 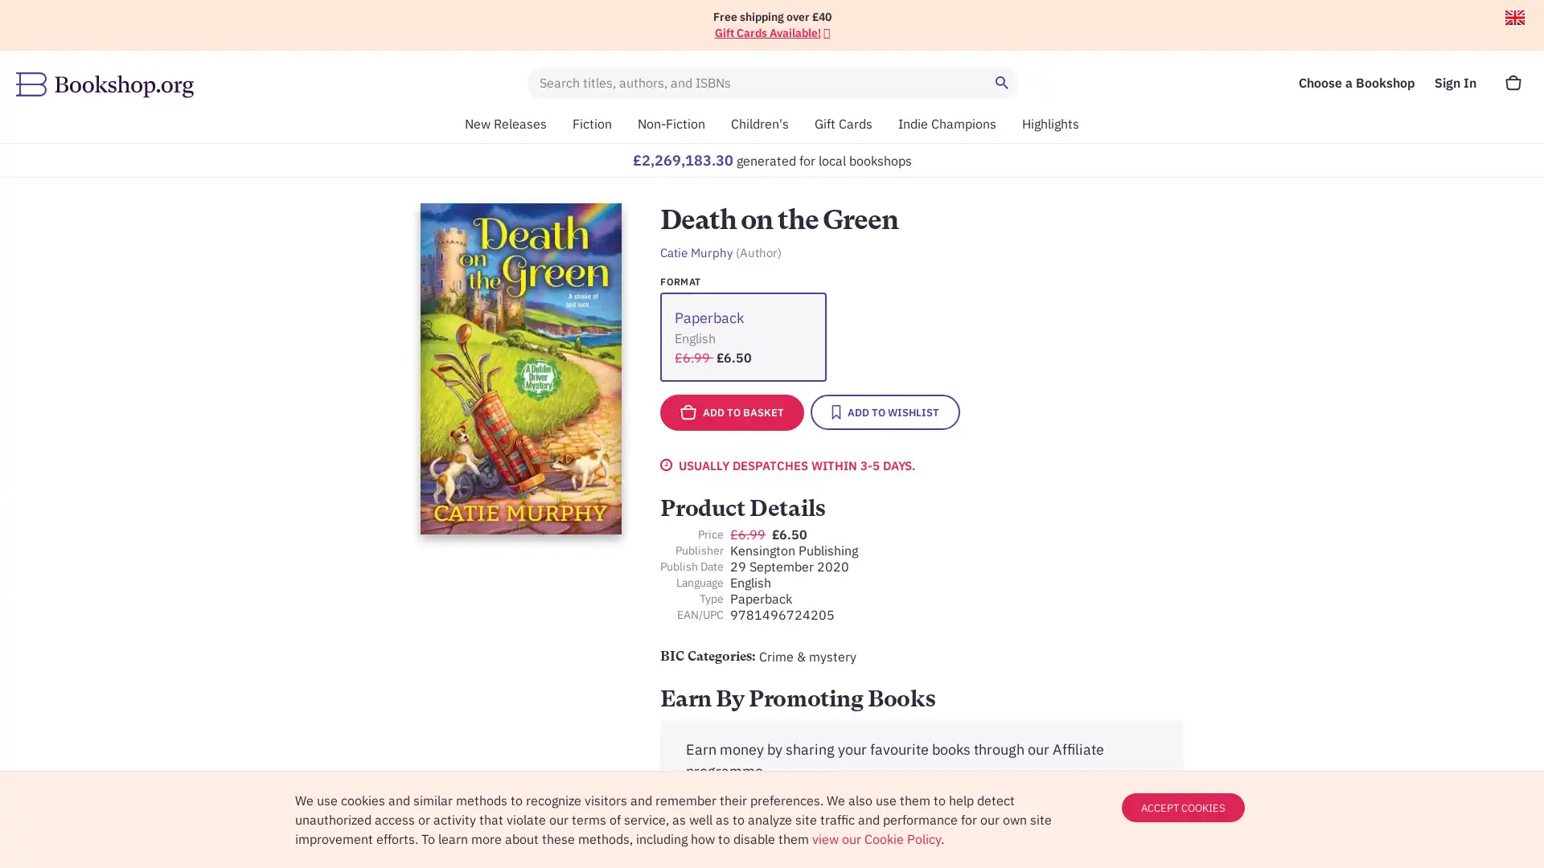 I want to click on Search, so click(x=1003, y=83).